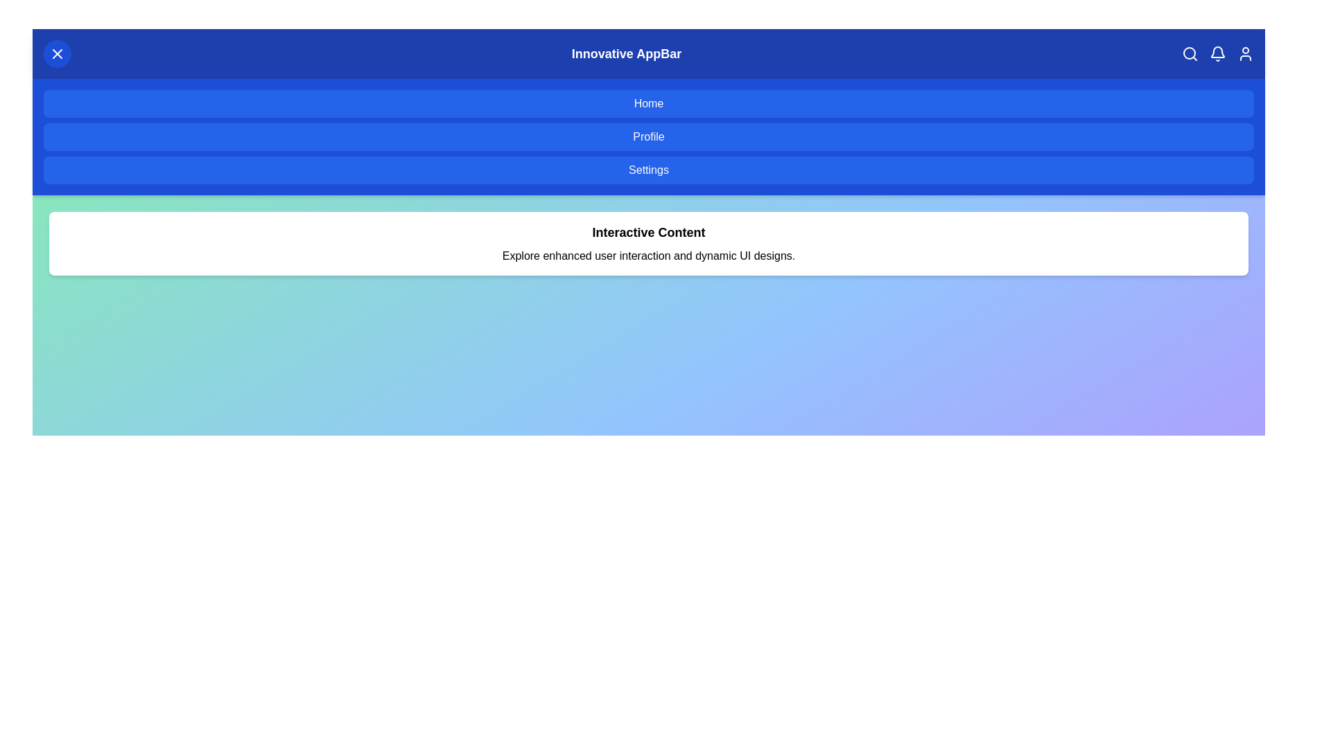  What do you see at coordinates (1245, 53) in the screenshot?
I see `the Profile icon in the header` at bounding box center [1245, 53].